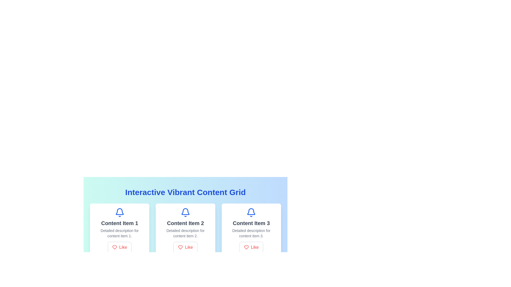 This screenshot has height=287, width=511. Describe the element at coordinates (185, 212) in the screenshot. I see `the notification bell icon in blue color, which is positioned above the text 'Content Item 2' in the middle column of a three-column grid` at that location.